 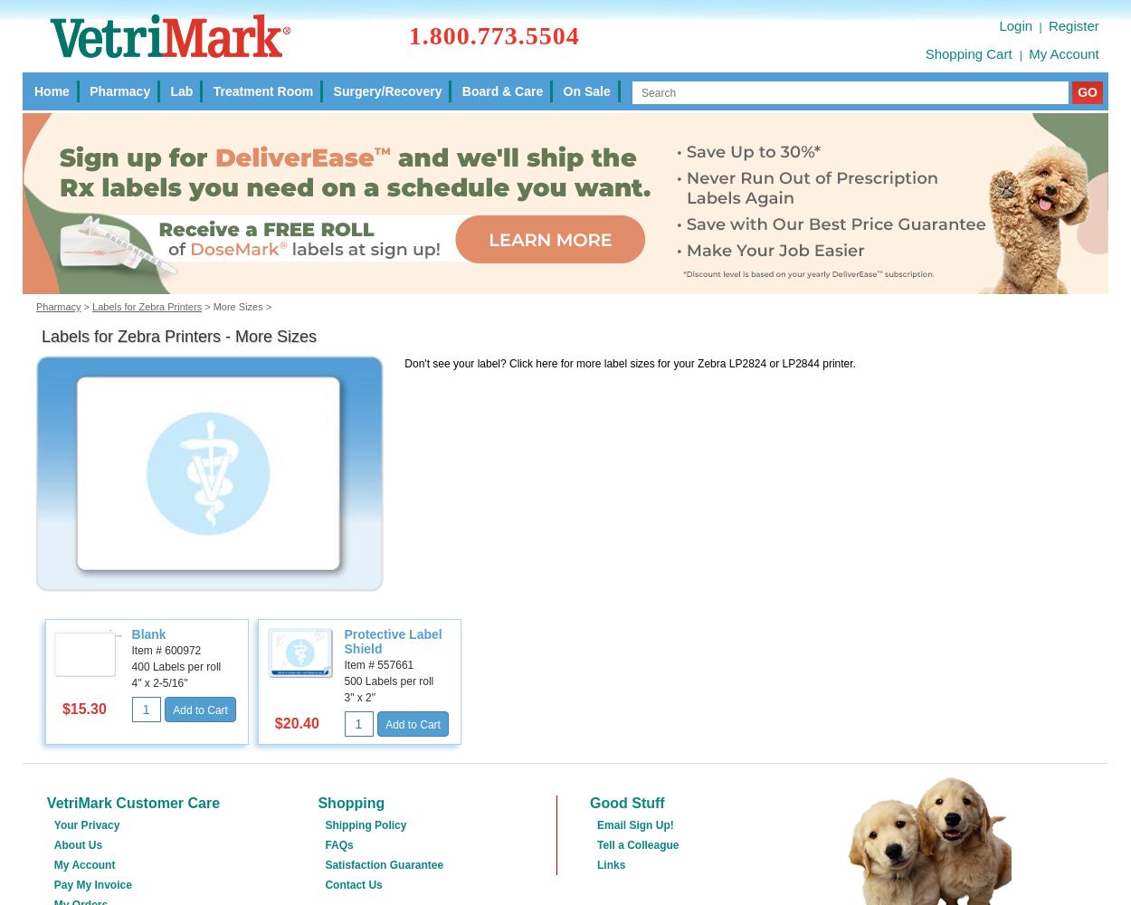 I want to click on '500 Labels per roll', so click(x=344, y=681).